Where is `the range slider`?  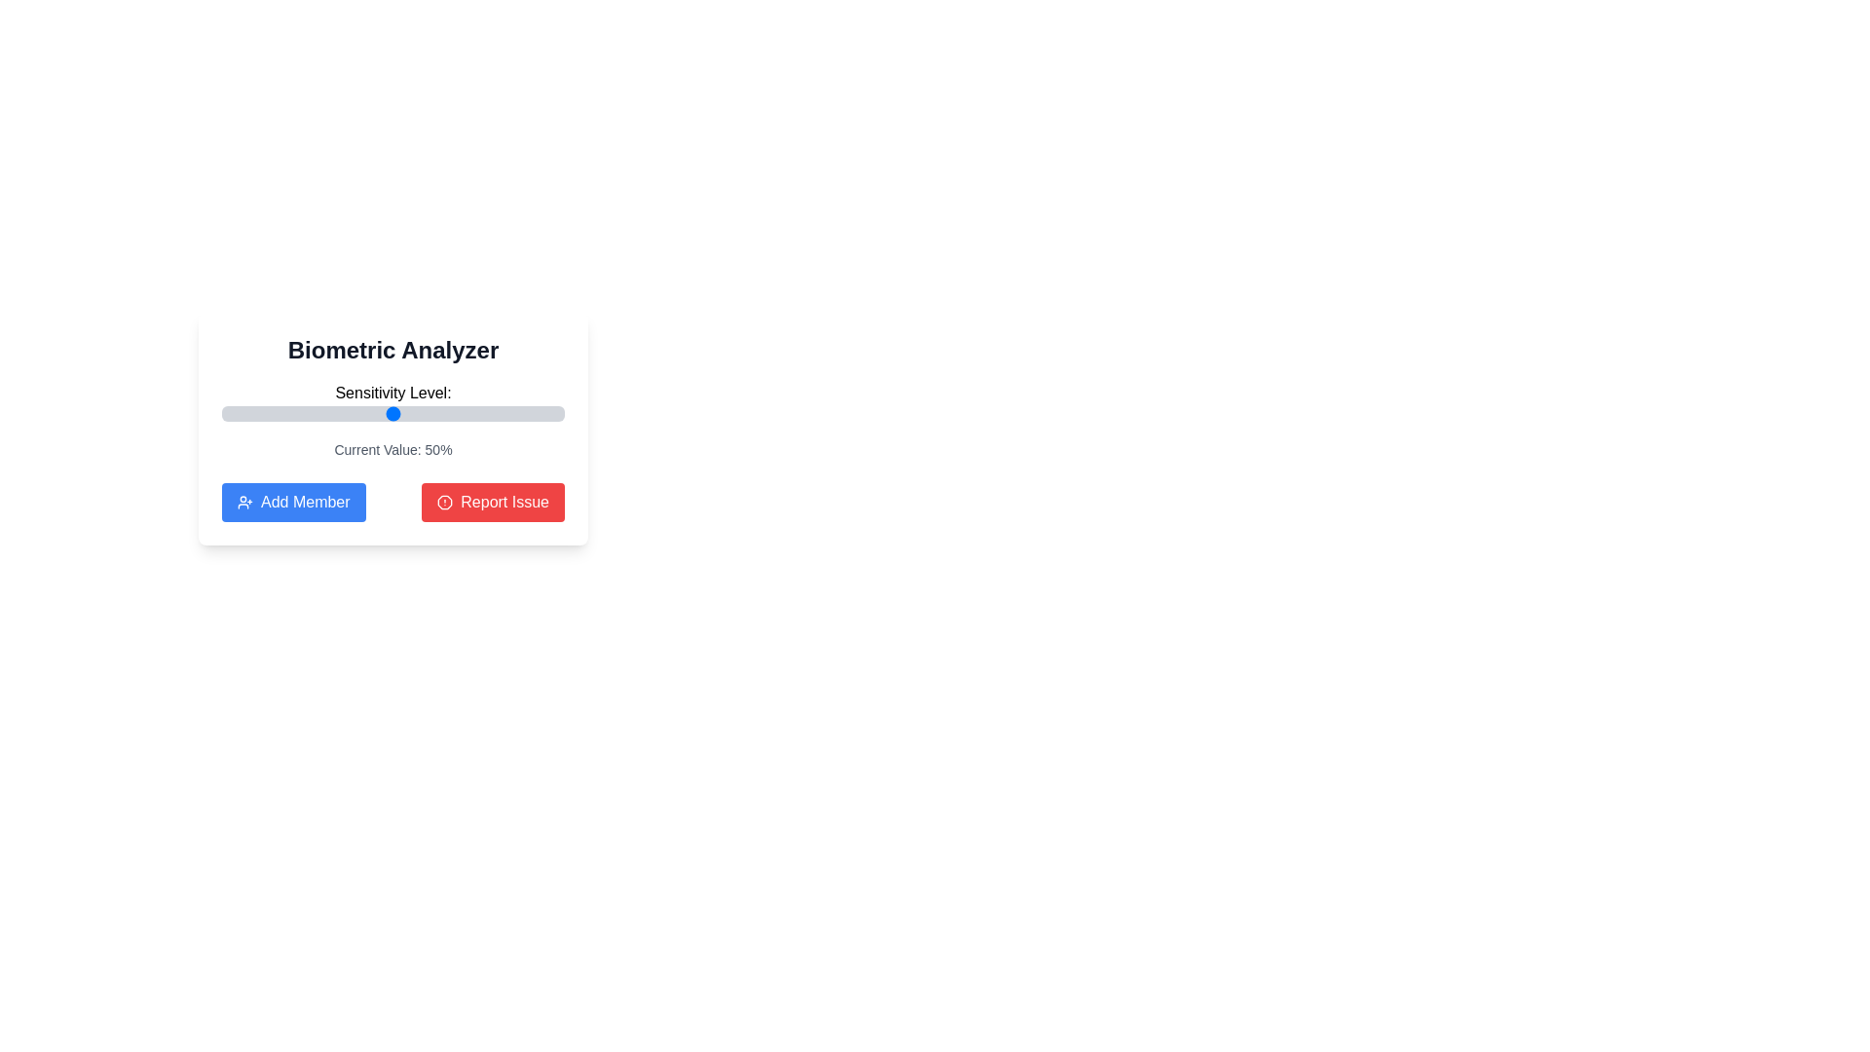 the range slider is located at coordinates (392, 412).